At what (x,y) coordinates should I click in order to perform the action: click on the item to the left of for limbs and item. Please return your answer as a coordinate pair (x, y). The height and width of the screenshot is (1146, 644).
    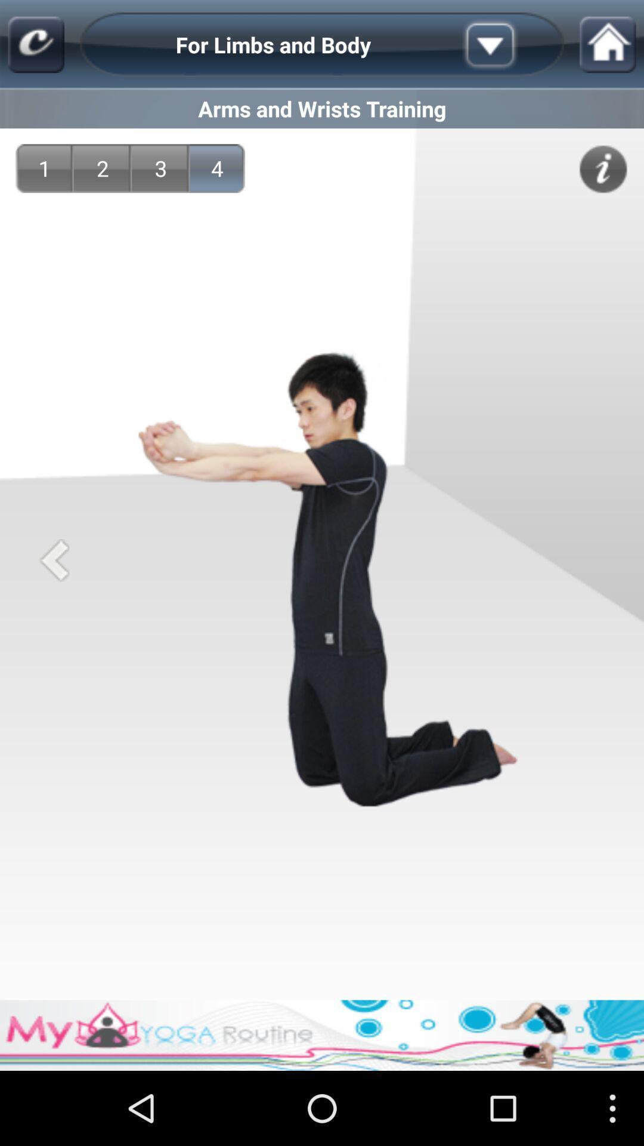
    Looking at the image, I should click on (35, 45).